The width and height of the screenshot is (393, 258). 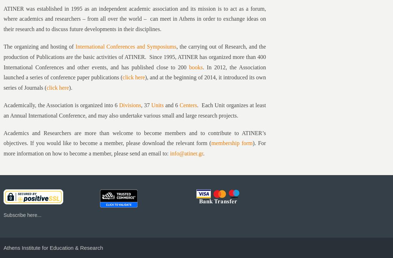 What do you see at coordinates (232, 143) in the screenshot?
I see `'membership form'` at bounding box center [232, 143].